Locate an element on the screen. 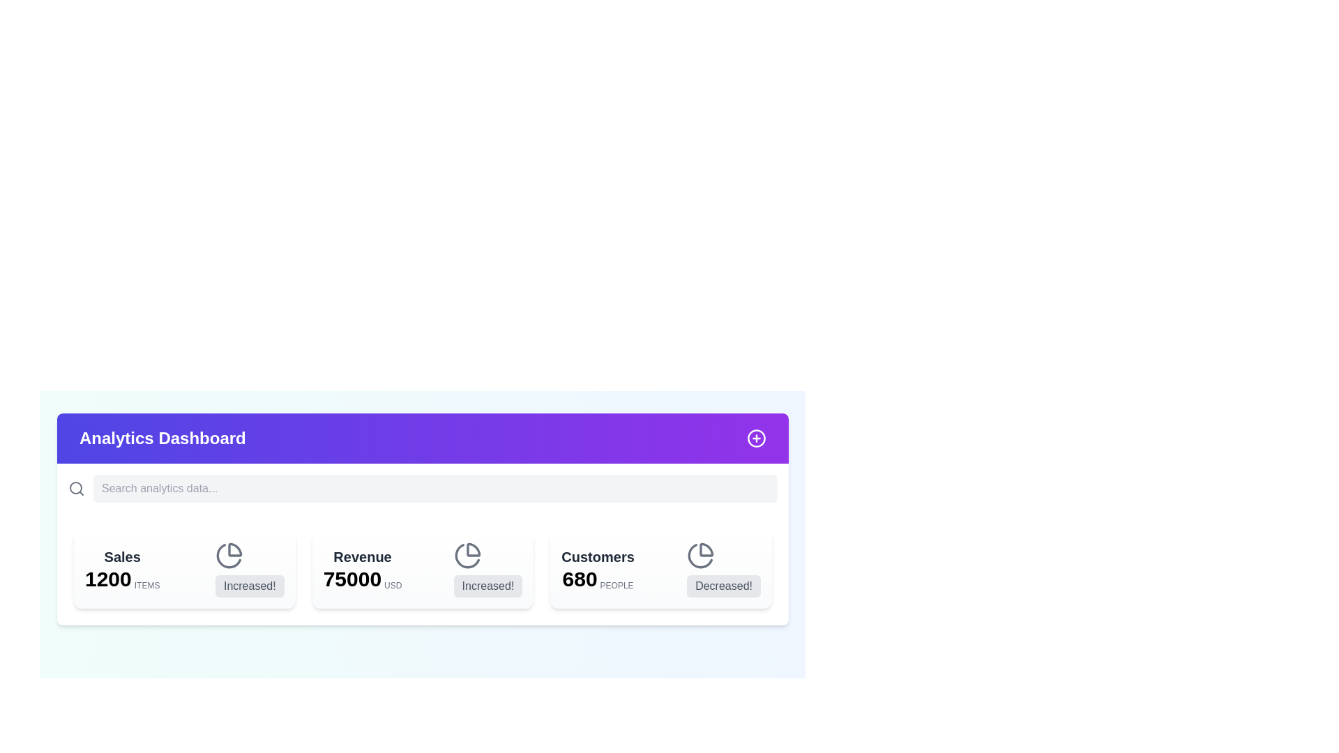 The image size is (1339, 753). the static text display showing the revenue figure of '75000 USD' on the dashboard interface is located at coordinates (352, 579).